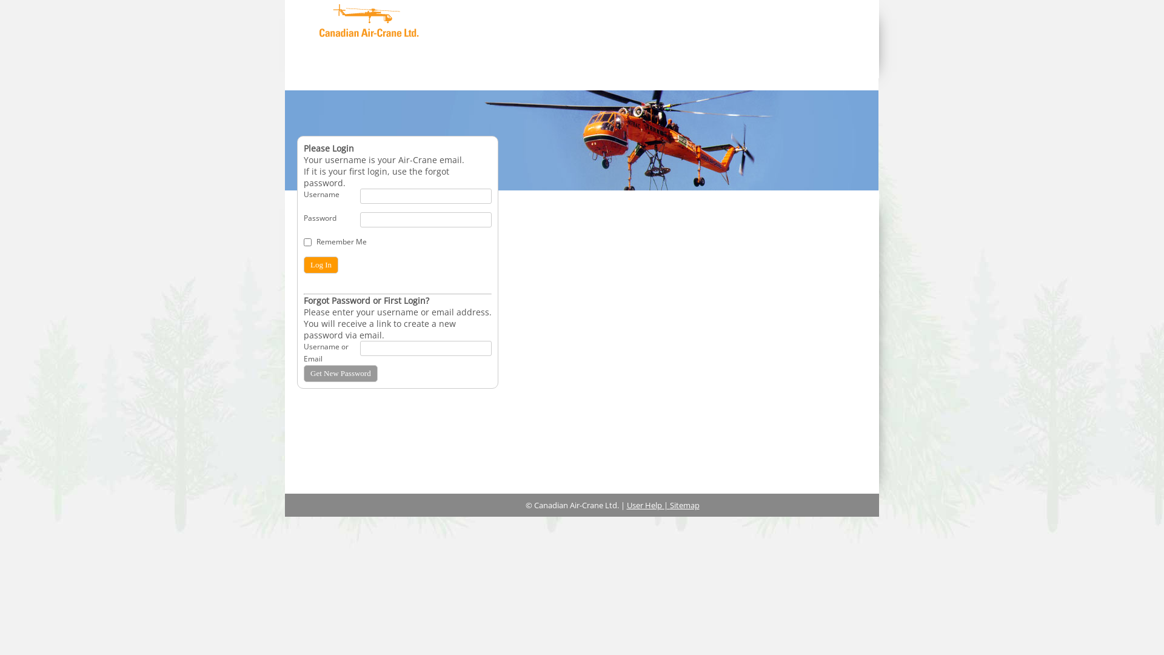  I want to click on 'Get New Password', so click(303, 373).